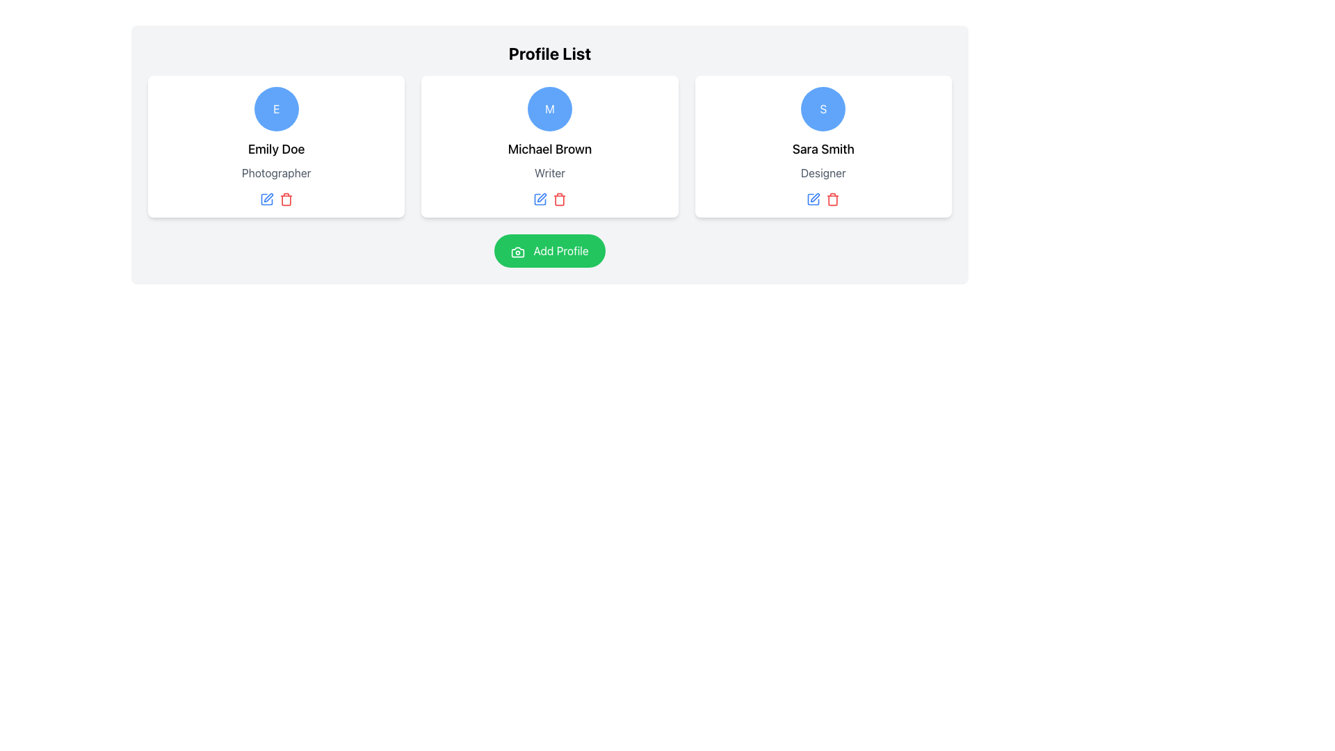  Describe the element at coordinates (266, 199) in the screenshot. I see `the edit icon located to the left of the trashcan icon within the SVG component of the 'Emily Doe' card` at that location.